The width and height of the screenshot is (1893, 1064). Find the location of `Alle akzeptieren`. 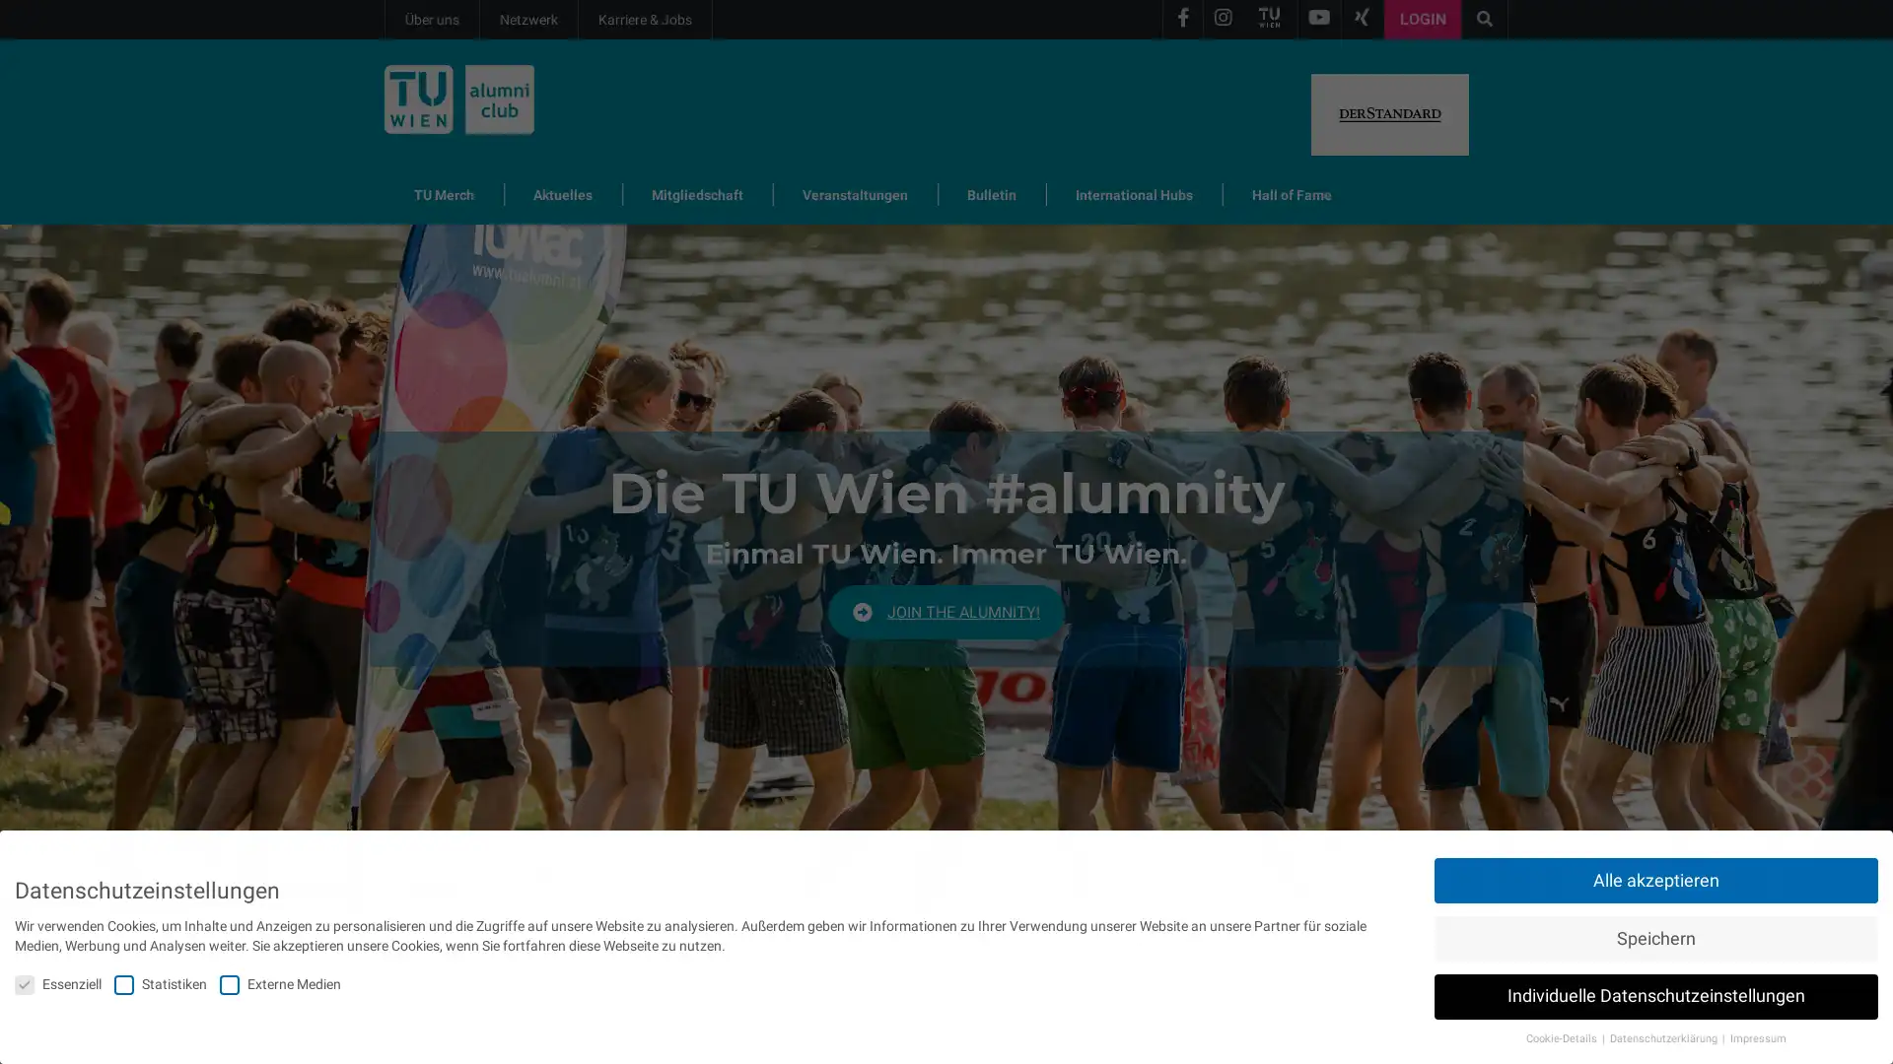

Alle akzeptieren is located at coordinates (1656, 880).